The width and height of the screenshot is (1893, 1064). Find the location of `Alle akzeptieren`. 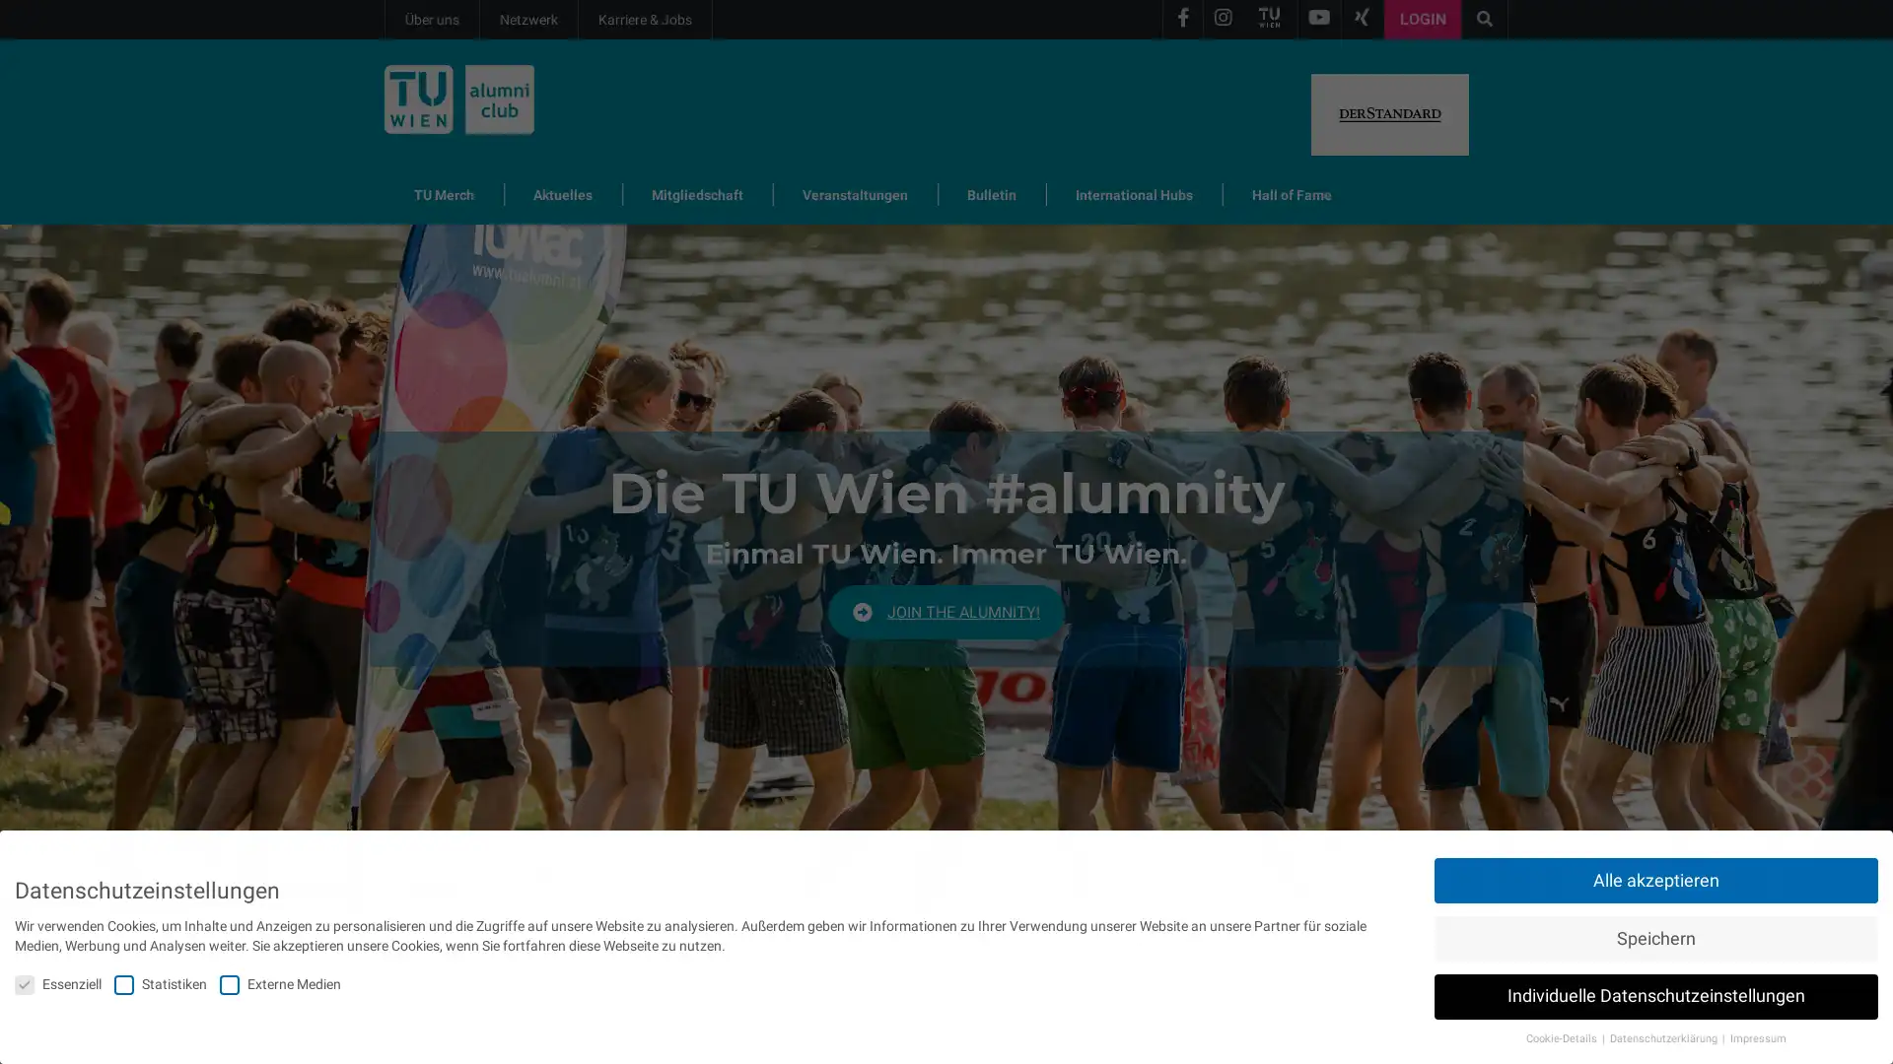

Alle akzeptieren is located at coordinates (1656, 880).